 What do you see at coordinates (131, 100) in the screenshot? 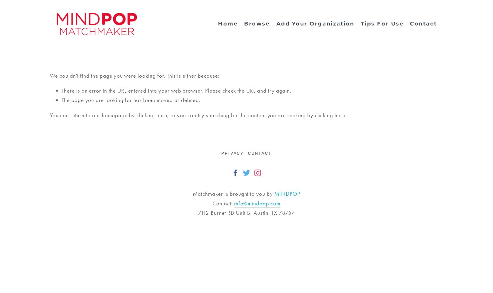
I see `'The page you are looking for has been moved or deleted.'` at bounding box center [131, 100].